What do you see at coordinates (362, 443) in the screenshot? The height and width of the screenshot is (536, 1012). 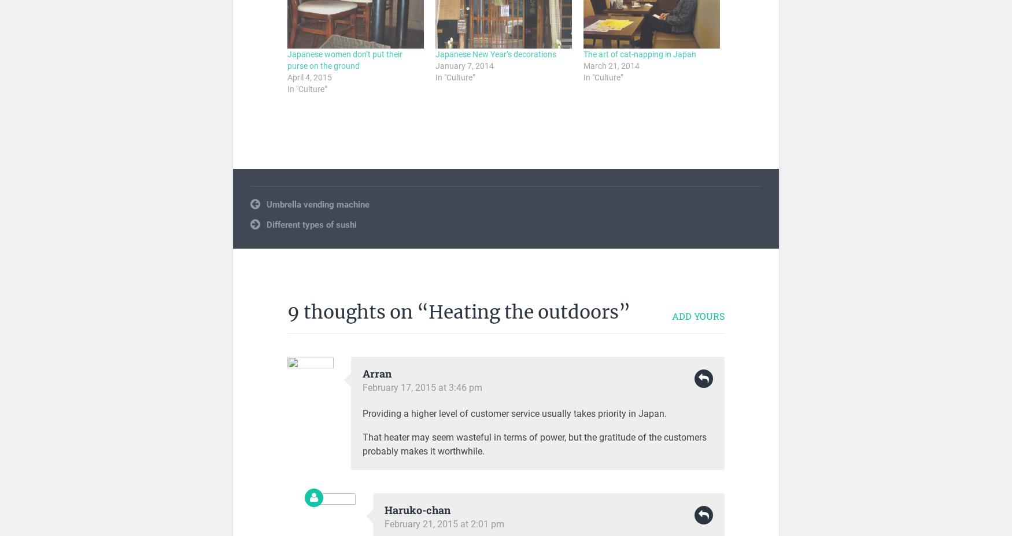 I see `'That heater may seem wasteful in terms of power, but the gratitude of the customers probably makes it worthwhile.'` at bounding box center [362, 443].